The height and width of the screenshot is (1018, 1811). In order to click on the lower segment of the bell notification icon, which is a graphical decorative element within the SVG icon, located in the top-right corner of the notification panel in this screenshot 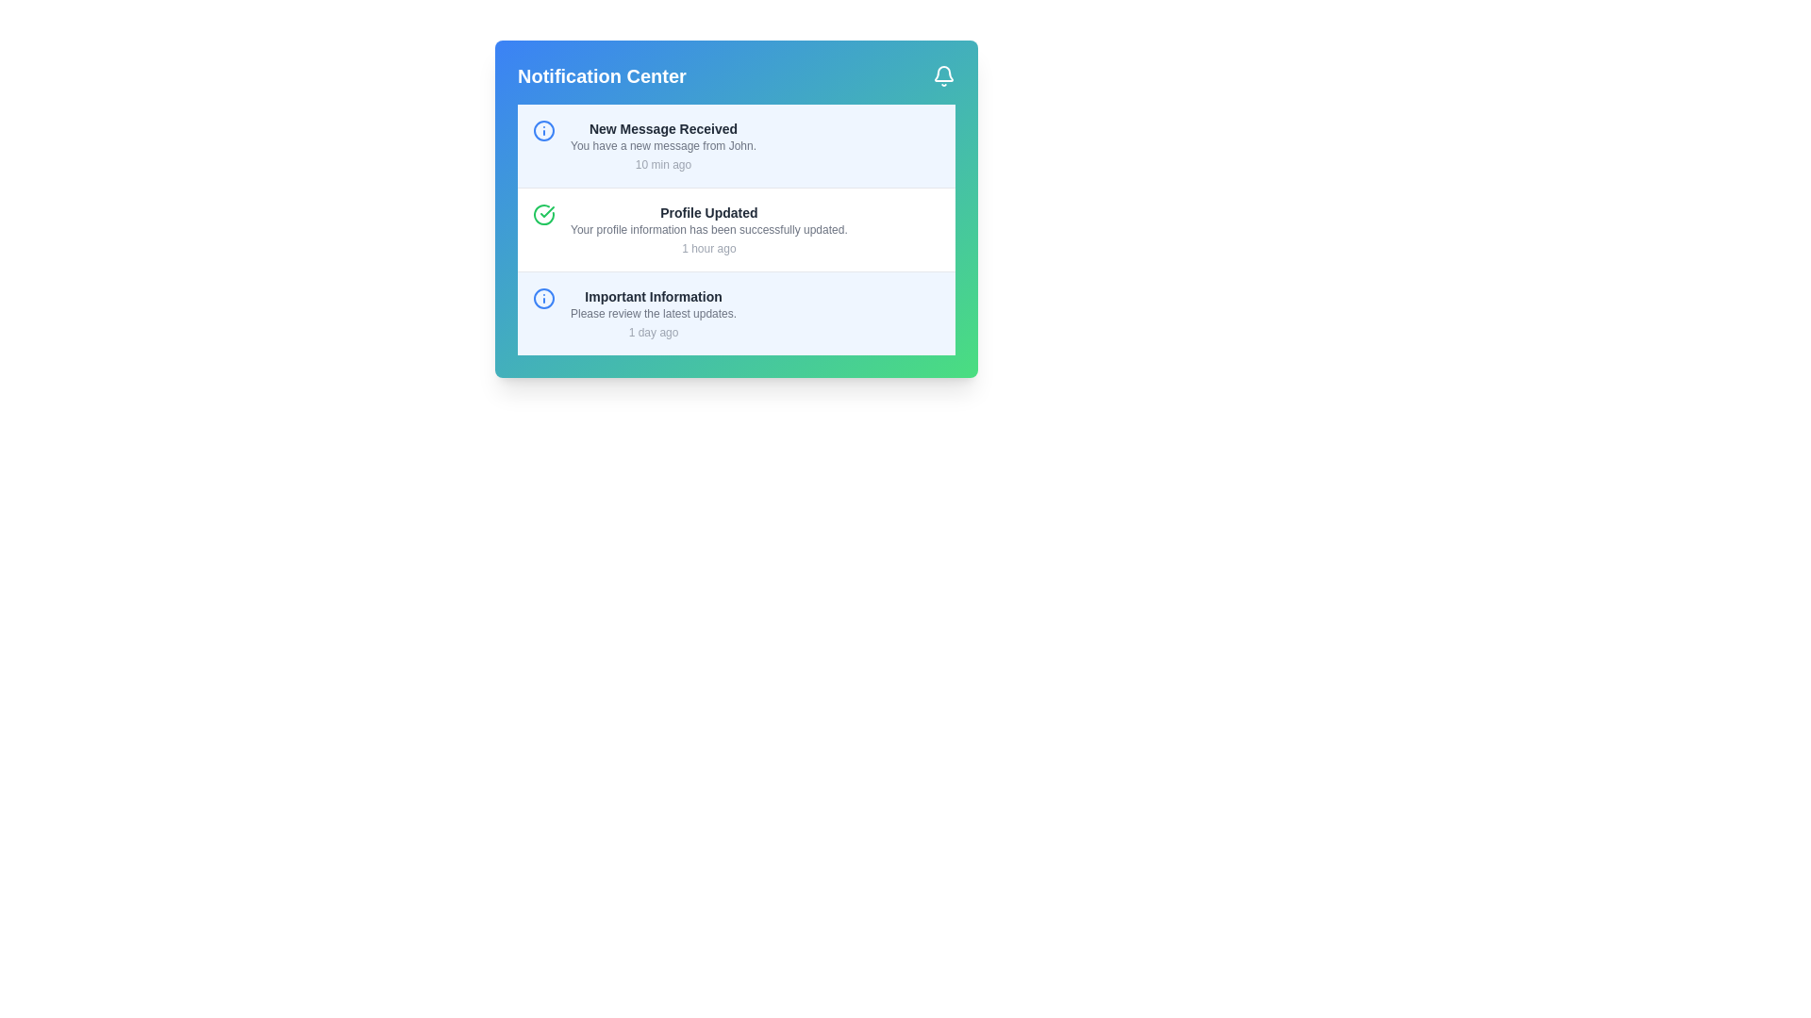, I will do `click(944, 73)`.